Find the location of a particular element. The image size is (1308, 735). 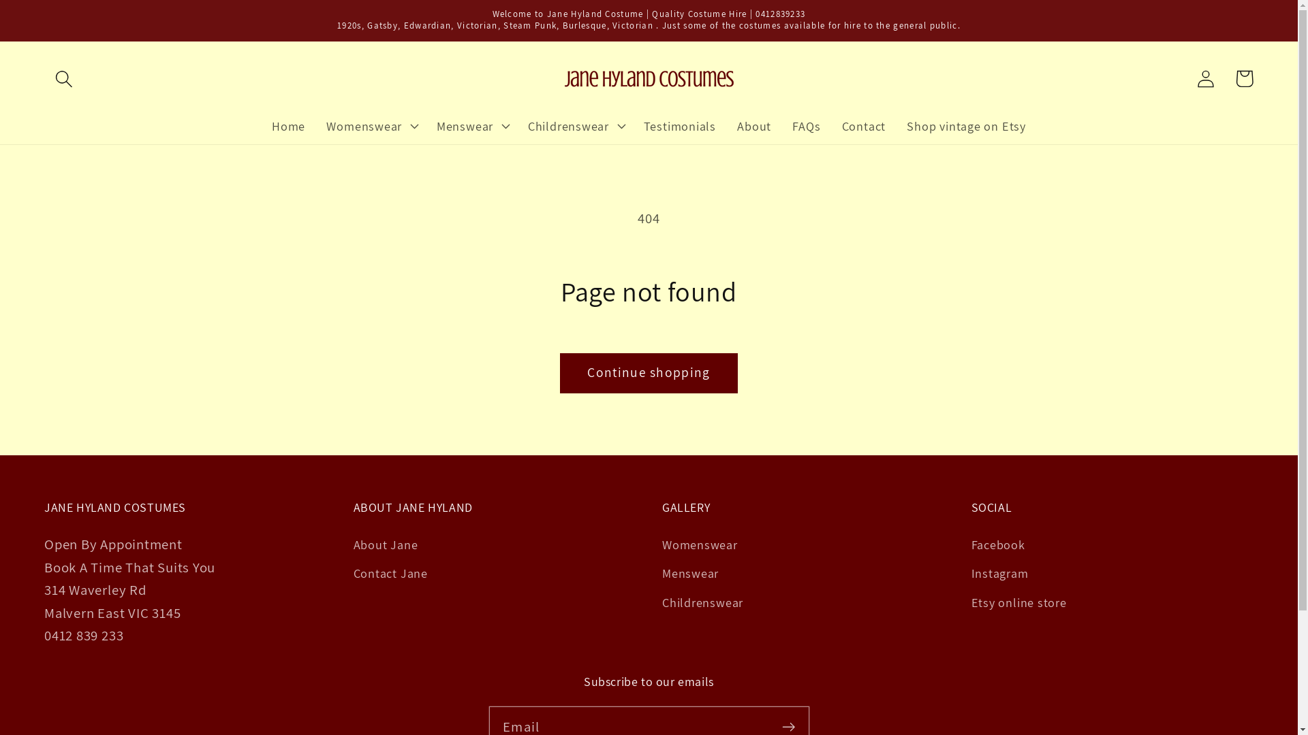

'Testimonials' is located at coordinates (680, 126).